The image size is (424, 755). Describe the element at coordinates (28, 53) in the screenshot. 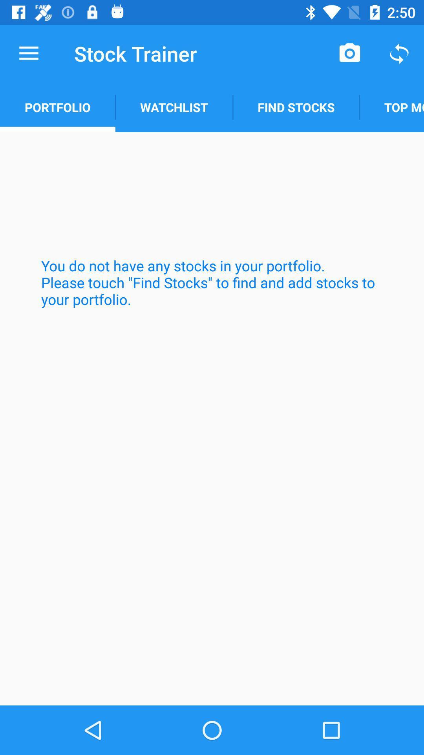

I see `icon next to stock trainer` at that location.